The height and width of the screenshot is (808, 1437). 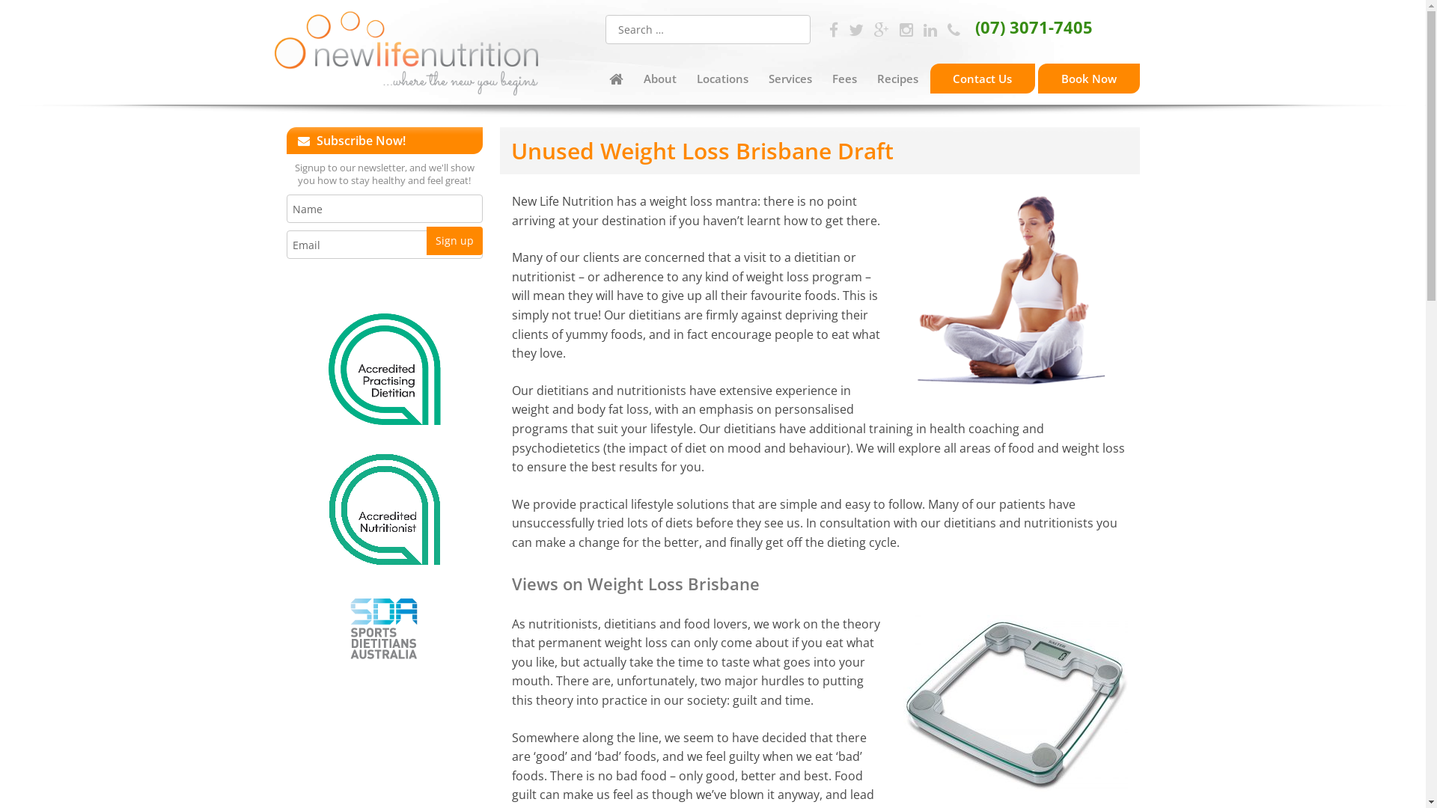 I want to click on '(07) 3071-7405', so click(x=1019, y=26).